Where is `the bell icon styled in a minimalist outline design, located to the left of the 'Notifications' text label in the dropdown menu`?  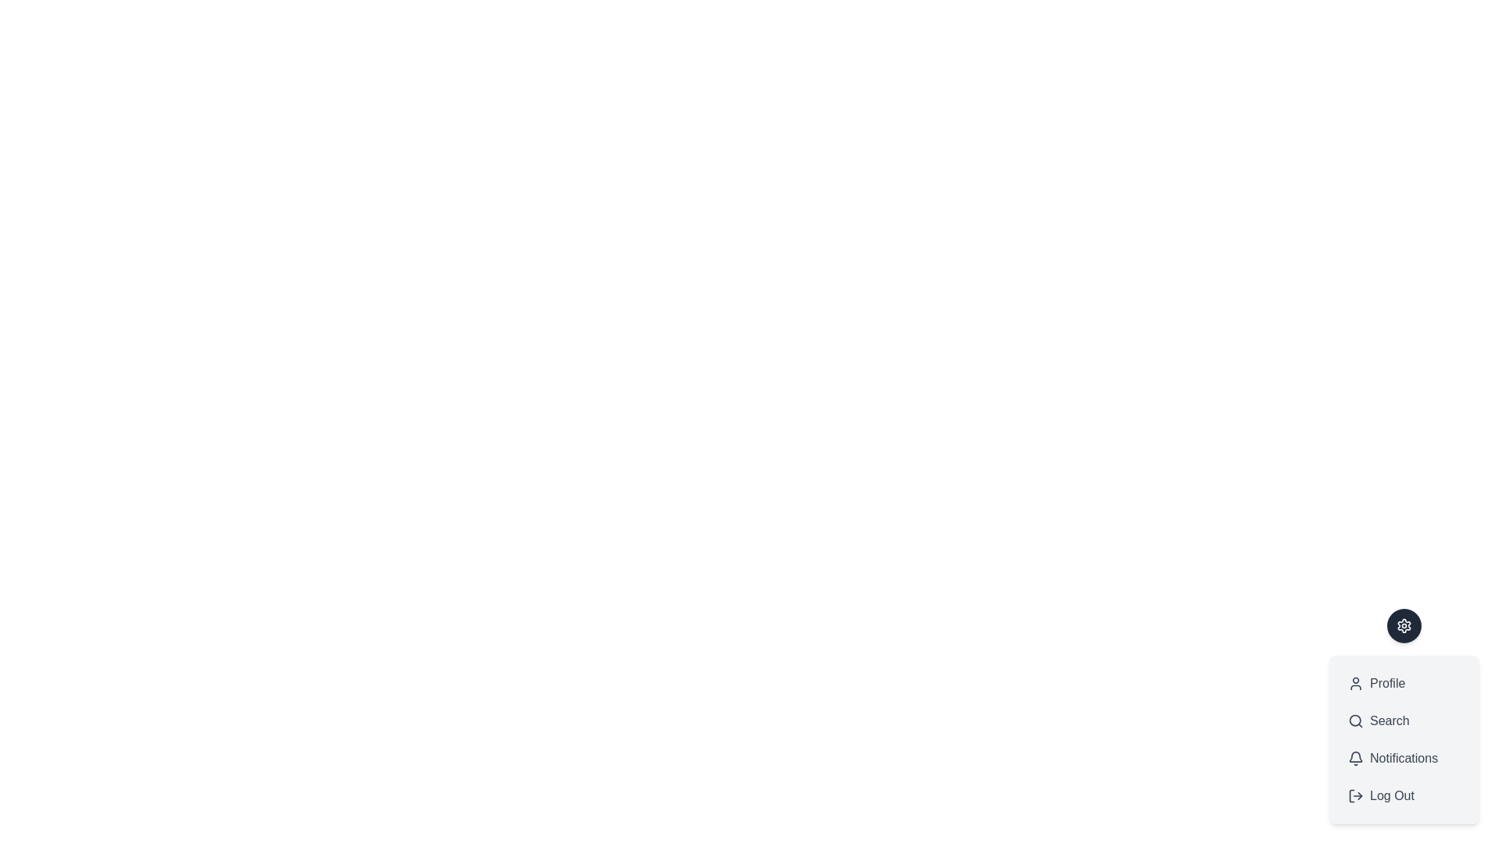
the bell icon styled in a minimalist outline design, located to the left of the 'Notifications' text label in the dropdown menu is located at coordinates (1354, 758).